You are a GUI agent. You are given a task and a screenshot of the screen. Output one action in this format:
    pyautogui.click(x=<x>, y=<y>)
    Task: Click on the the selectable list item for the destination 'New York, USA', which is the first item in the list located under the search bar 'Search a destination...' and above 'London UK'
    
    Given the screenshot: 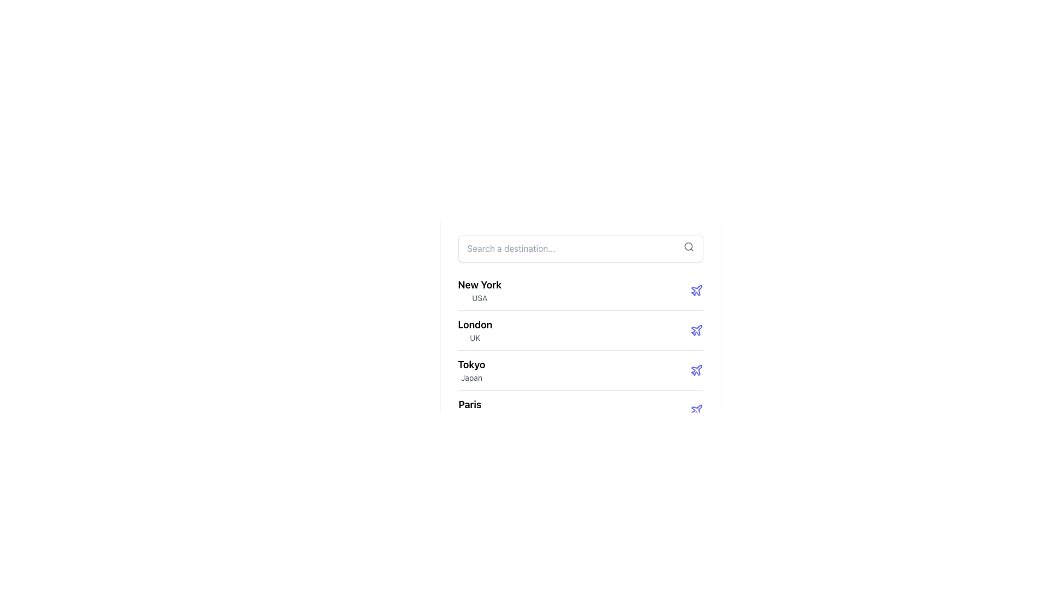 What is the action you would take?
    pyautogui.click(x=480, y=290)
    